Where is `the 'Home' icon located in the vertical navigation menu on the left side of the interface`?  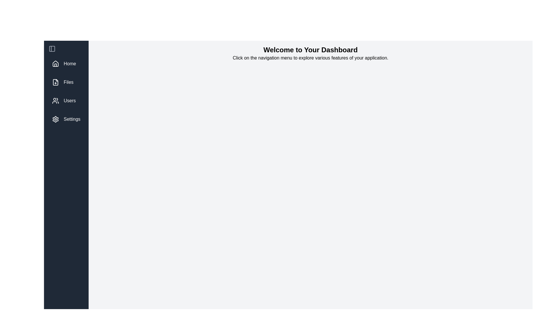
the 'Home' icon located in the vertical navigation menu on the left side of the interface is located at coordinates (56, 64).